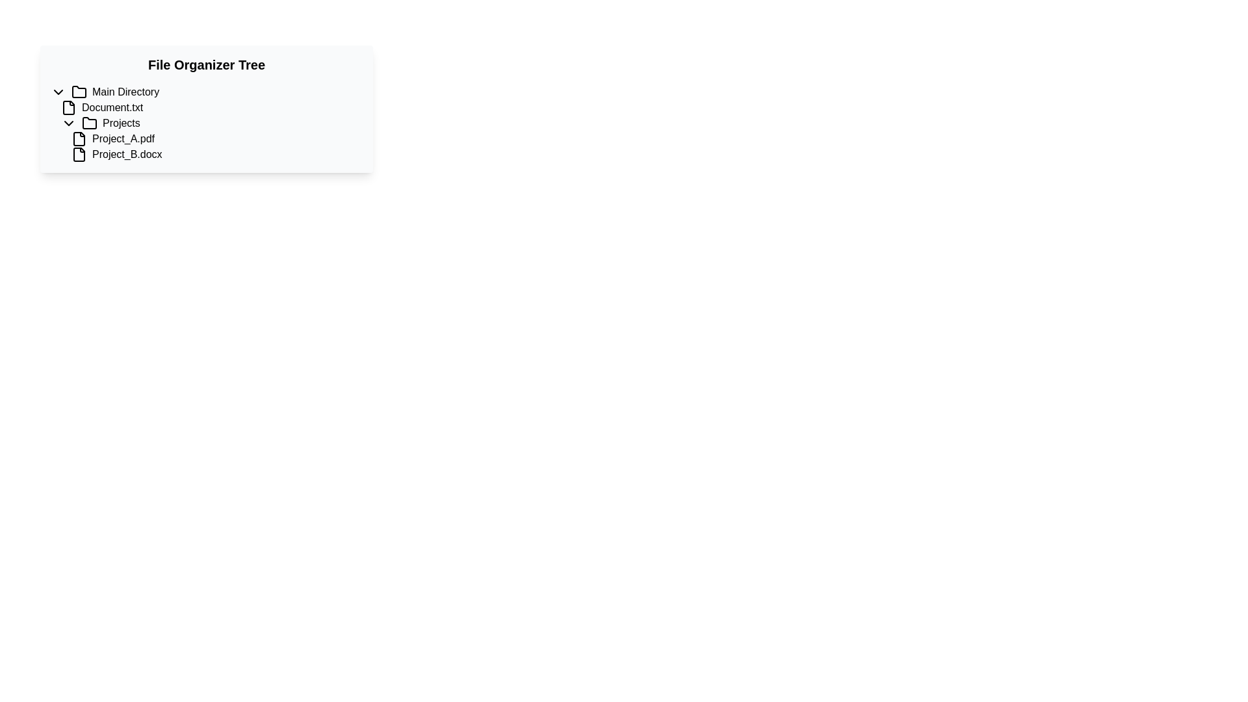 The width and height of the screenshot is (1248, 702). Describe the element at coordinates (217, 154) in the screenshot. I see `the file item representation for 'Project_B.docx' located under the 'Projects' folder in the file tree` at that location.